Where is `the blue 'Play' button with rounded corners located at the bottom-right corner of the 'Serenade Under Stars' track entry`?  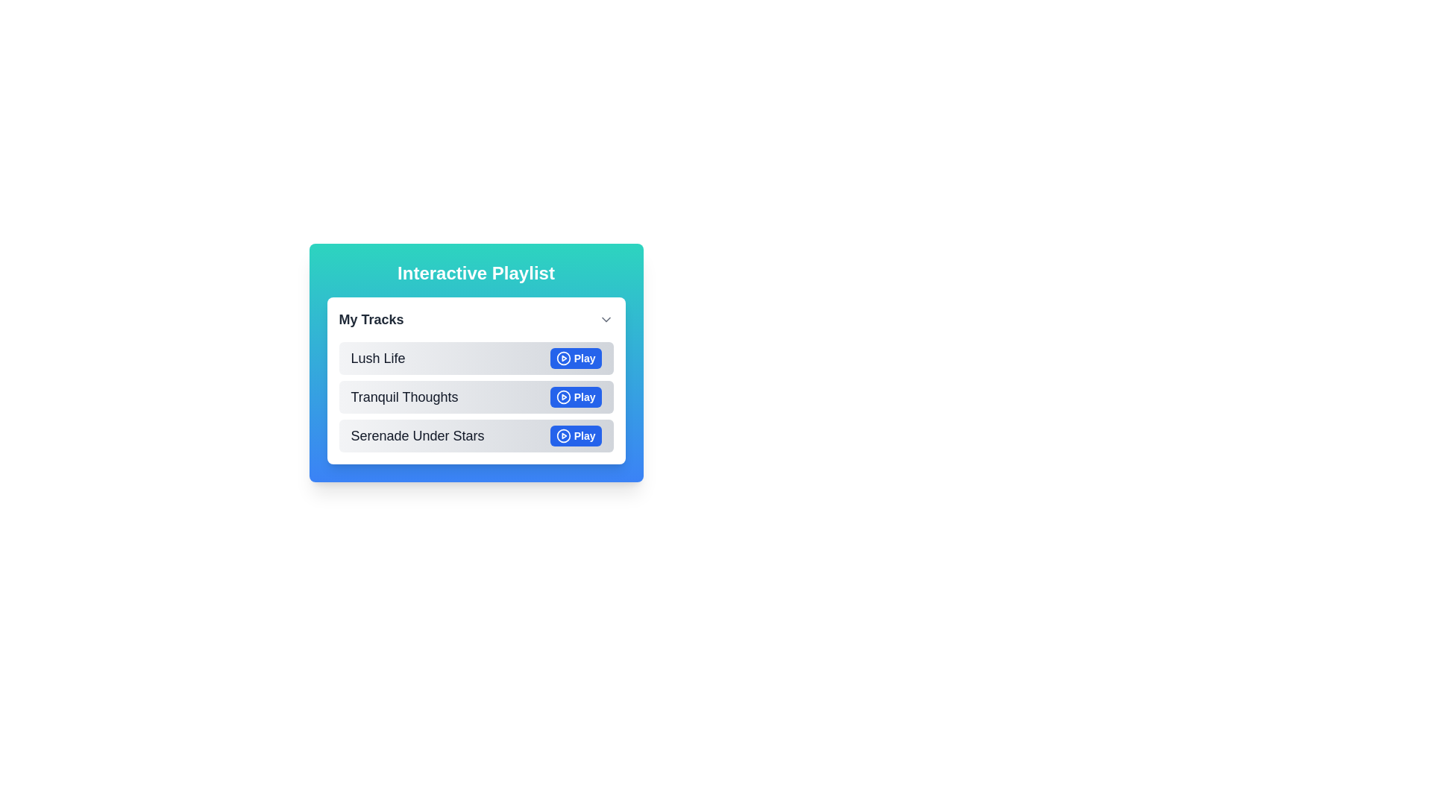 the blue 'Play' button with rounded corners located at the bottom-right corner of the 'Serenade Under Stars' track entry is located at coordinates (575, 436).